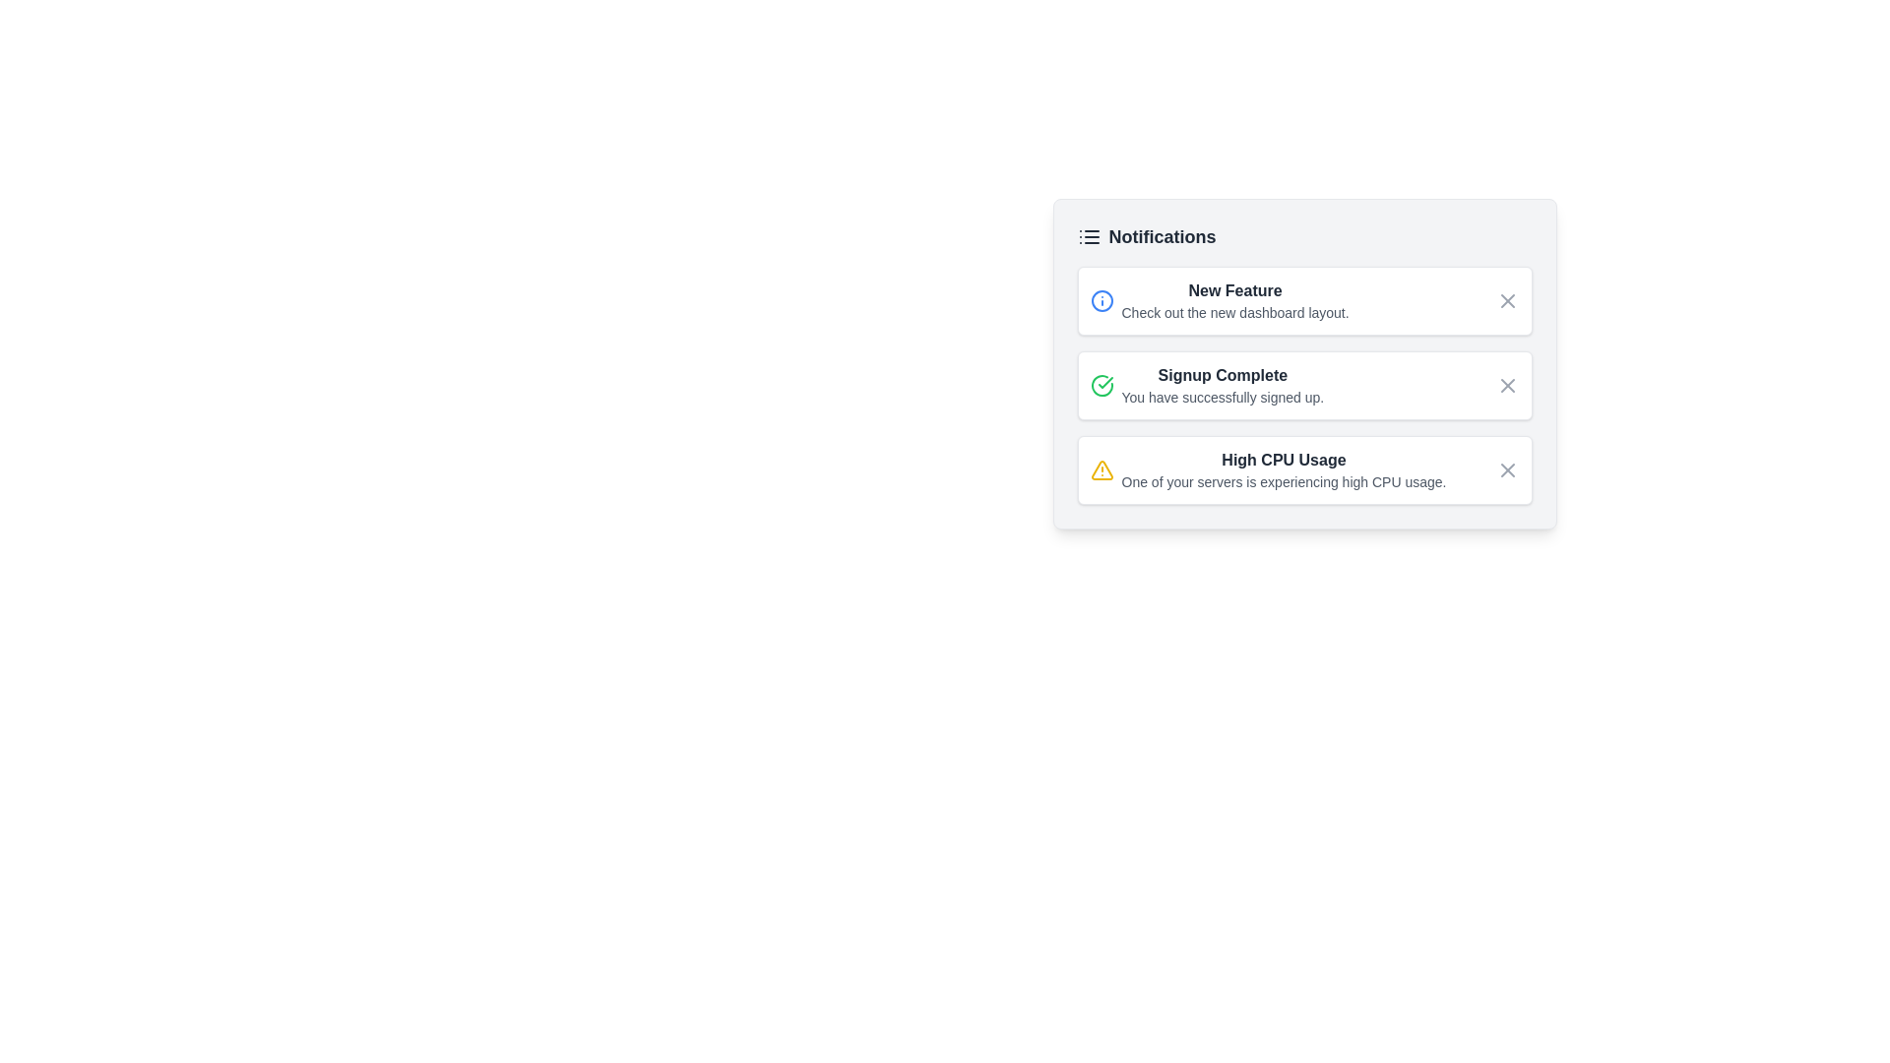  What do you see at coordinates (1506, 300) in the screenshot?
I see `the Close icon button located in the top-right corner of the notification section titled 'New Feature' to change its color to red` at bounding box center [1506, 300].